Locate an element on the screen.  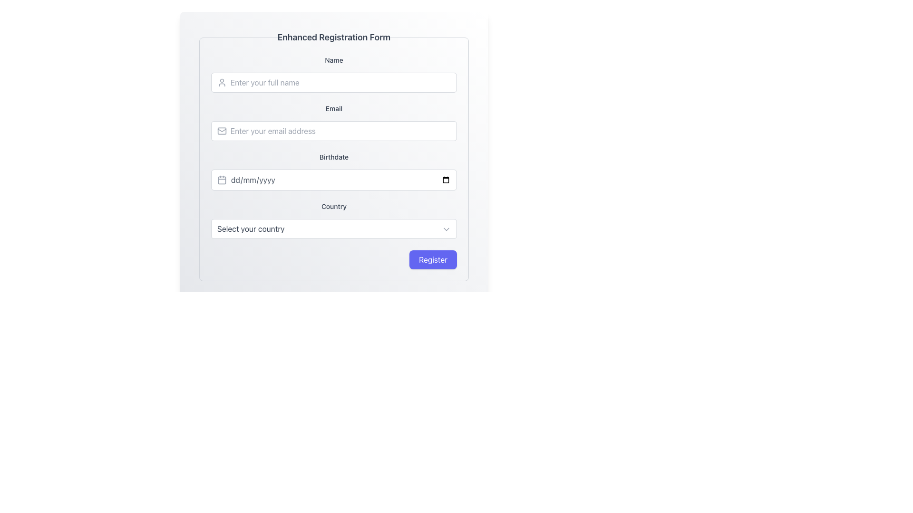
the submit button located at the bottom right of the form is located at coordinates (433, 260).